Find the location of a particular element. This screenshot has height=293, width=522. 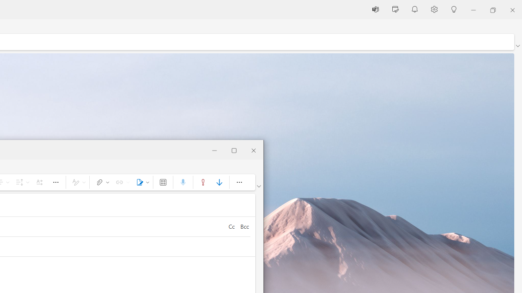

'Signature' is located at coordinates (141, 181).